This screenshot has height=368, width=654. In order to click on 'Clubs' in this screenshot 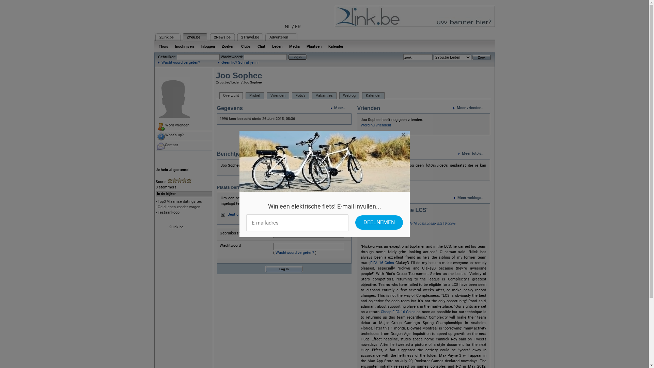, I will do `click(245, 46)`.